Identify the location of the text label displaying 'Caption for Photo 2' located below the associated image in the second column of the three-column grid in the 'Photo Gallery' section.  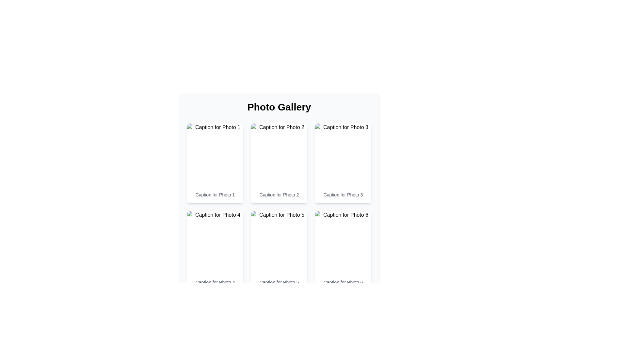
(279, 194).